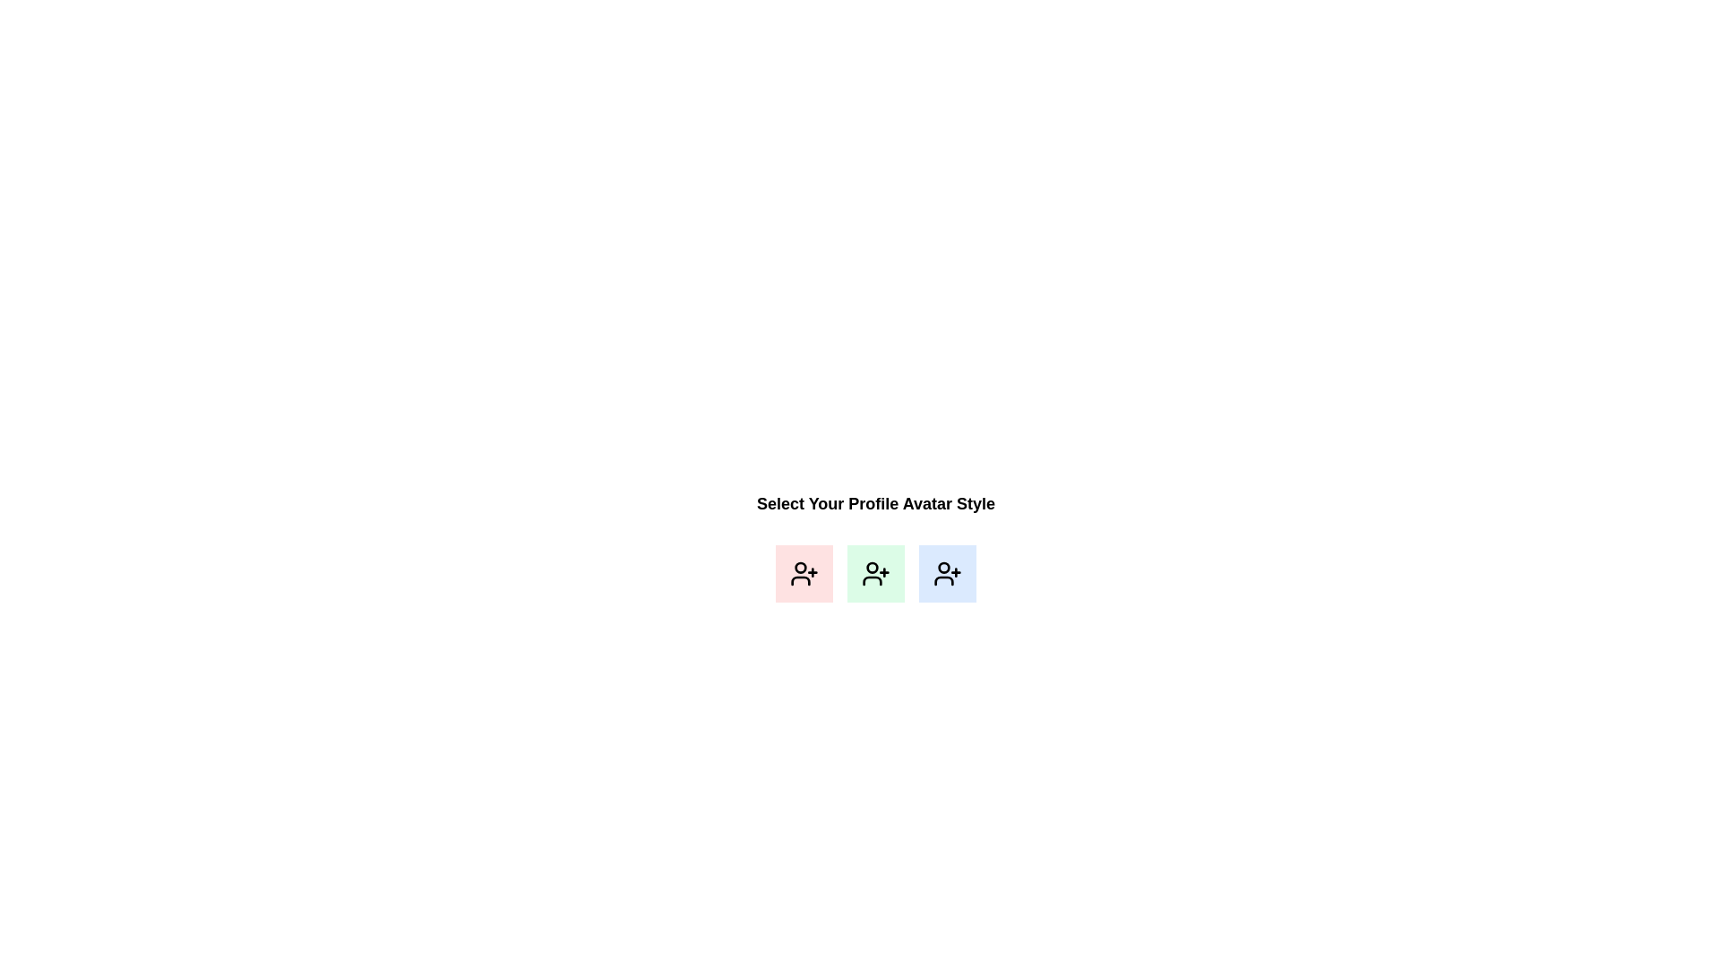 Image resolution: width=1720 pixels, height=967 pixels. What do you see at coordinates (876, 573) in the screenshot?
I see `the profile avatar style selection button, which features a user-plus icon and is the second item in a horizontal grid layout under the 'Select Your Profile Avatar Style' heading` at bounding box center [876, 573].